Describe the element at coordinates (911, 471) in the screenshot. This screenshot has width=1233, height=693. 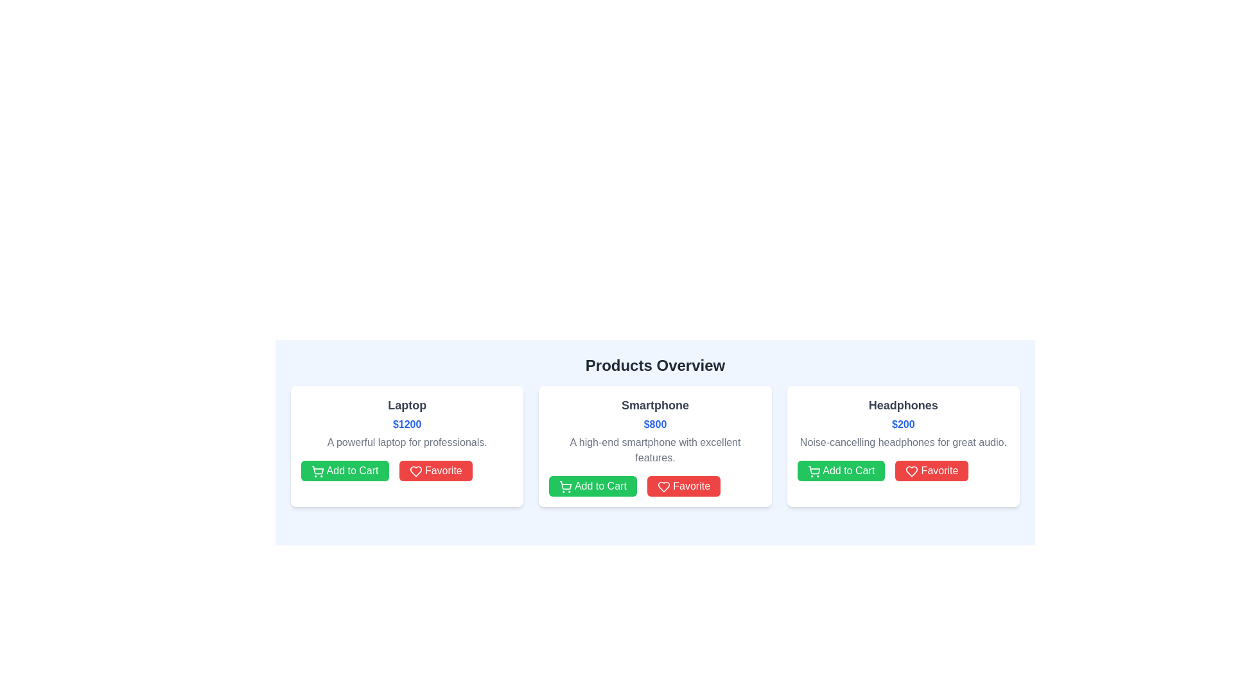
I see `the Favorite Icon associated with the Headphones product card located in the bottom row of the card` at that location.